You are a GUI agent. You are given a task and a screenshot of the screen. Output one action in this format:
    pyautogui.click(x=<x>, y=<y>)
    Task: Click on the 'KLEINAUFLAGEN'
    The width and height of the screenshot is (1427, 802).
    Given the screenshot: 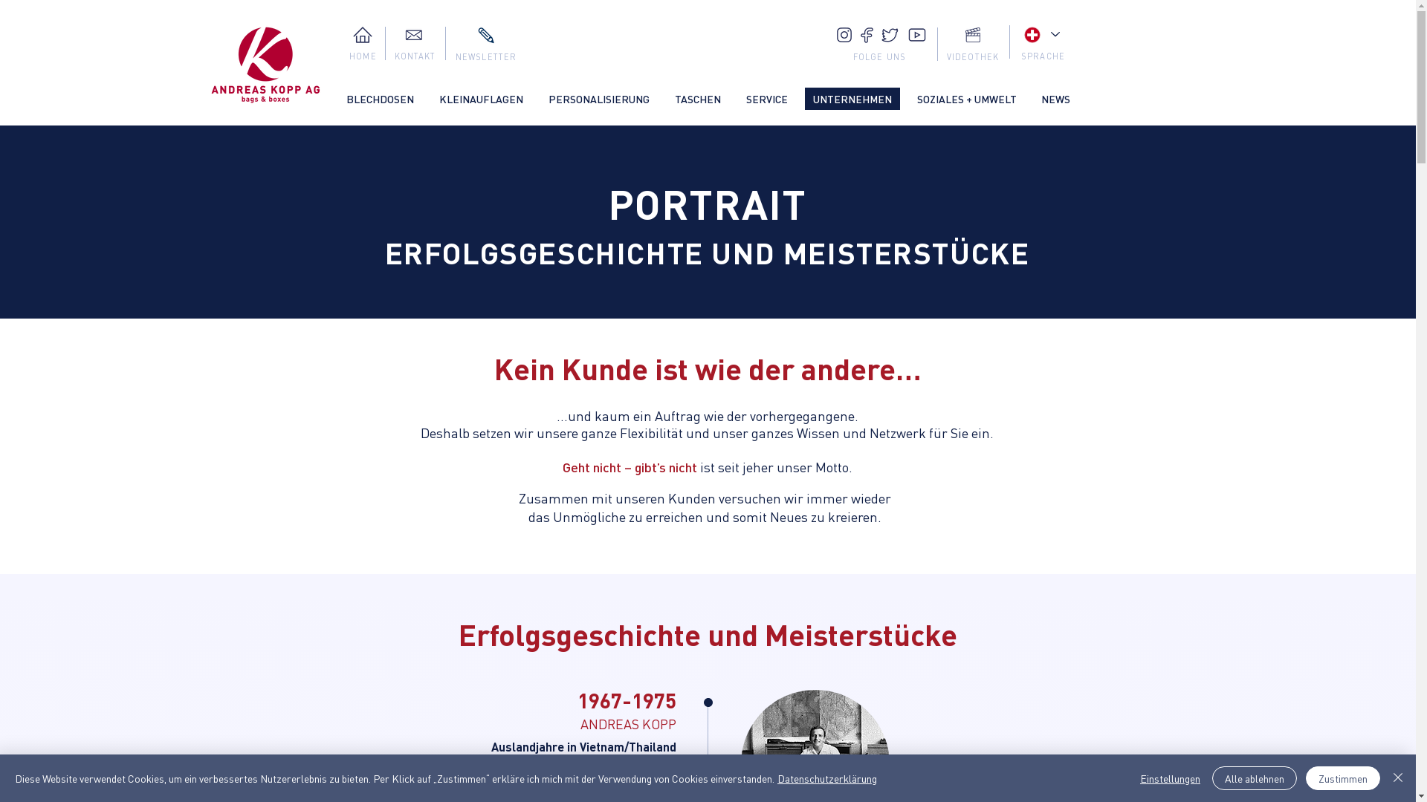 What is the action you would take?
    pyautogui.click(x=481, y=98)
    